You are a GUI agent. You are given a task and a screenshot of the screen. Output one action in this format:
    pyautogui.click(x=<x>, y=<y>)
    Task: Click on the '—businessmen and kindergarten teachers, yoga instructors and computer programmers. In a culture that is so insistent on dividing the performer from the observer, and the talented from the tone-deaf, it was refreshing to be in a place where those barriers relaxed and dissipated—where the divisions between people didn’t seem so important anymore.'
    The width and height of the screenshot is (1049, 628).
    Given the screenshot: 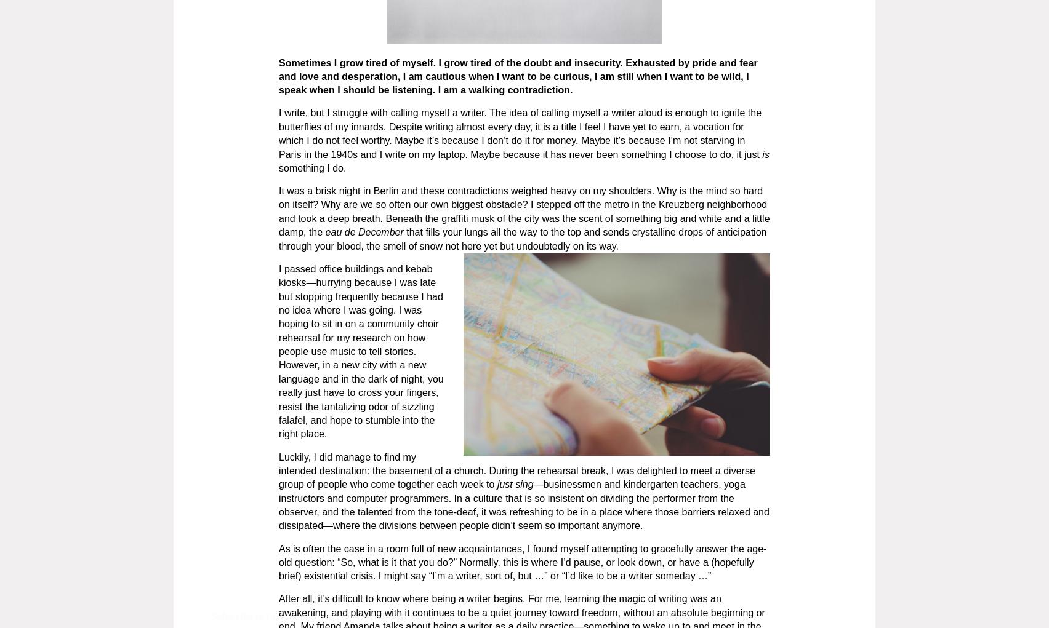 What is the action you would take?
    pyautogui.click(x=523, y=504)
    